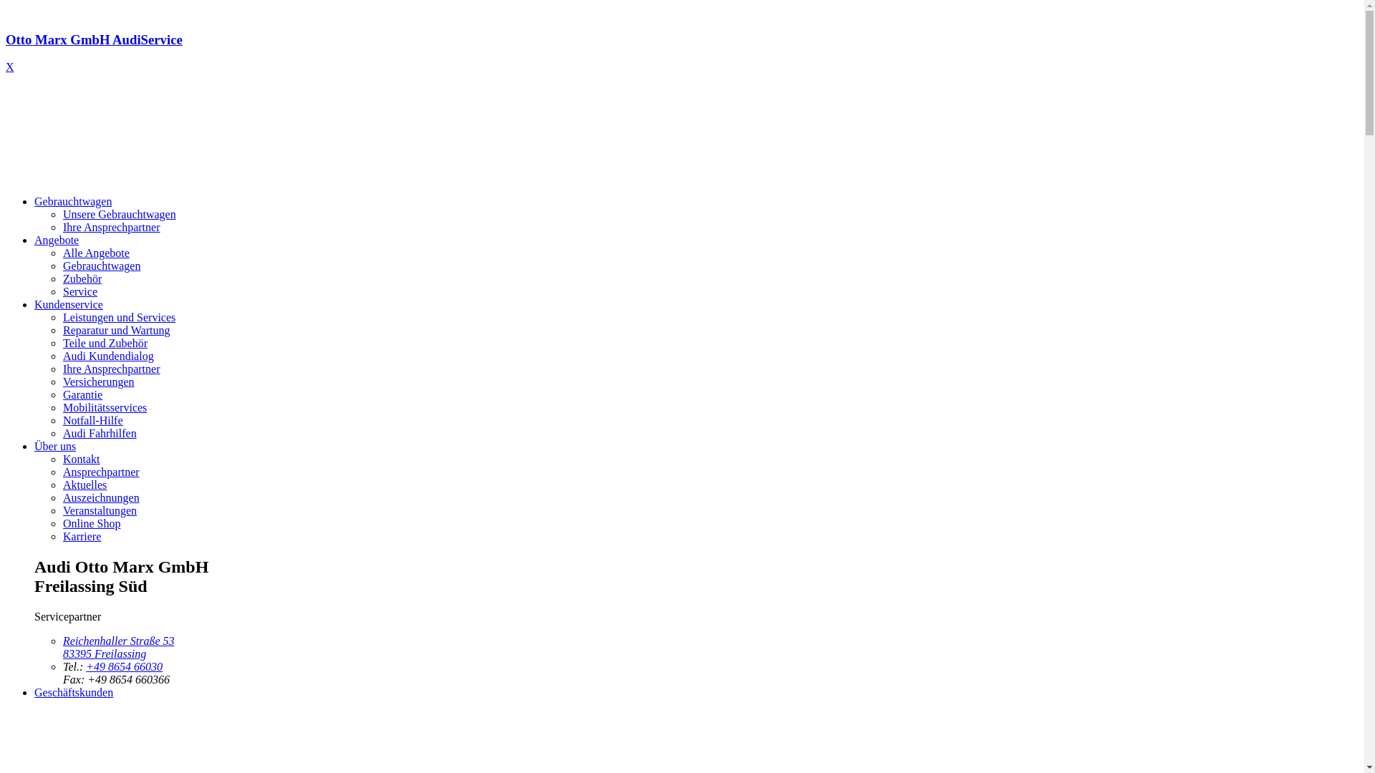 Image resolution: width=1375 pixels, height=773 pixels. Describe the element at coordinates (107, 355) in the screenshot. I see `'Audi Kundendialog'` at that location.